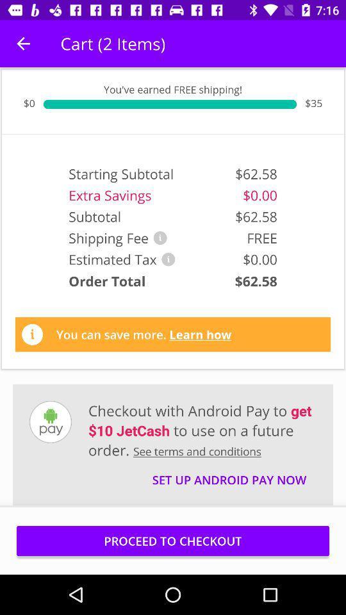 This screenshot has height=615, width=346. I want to click on icon above the $0 icon, so click(23, 44).